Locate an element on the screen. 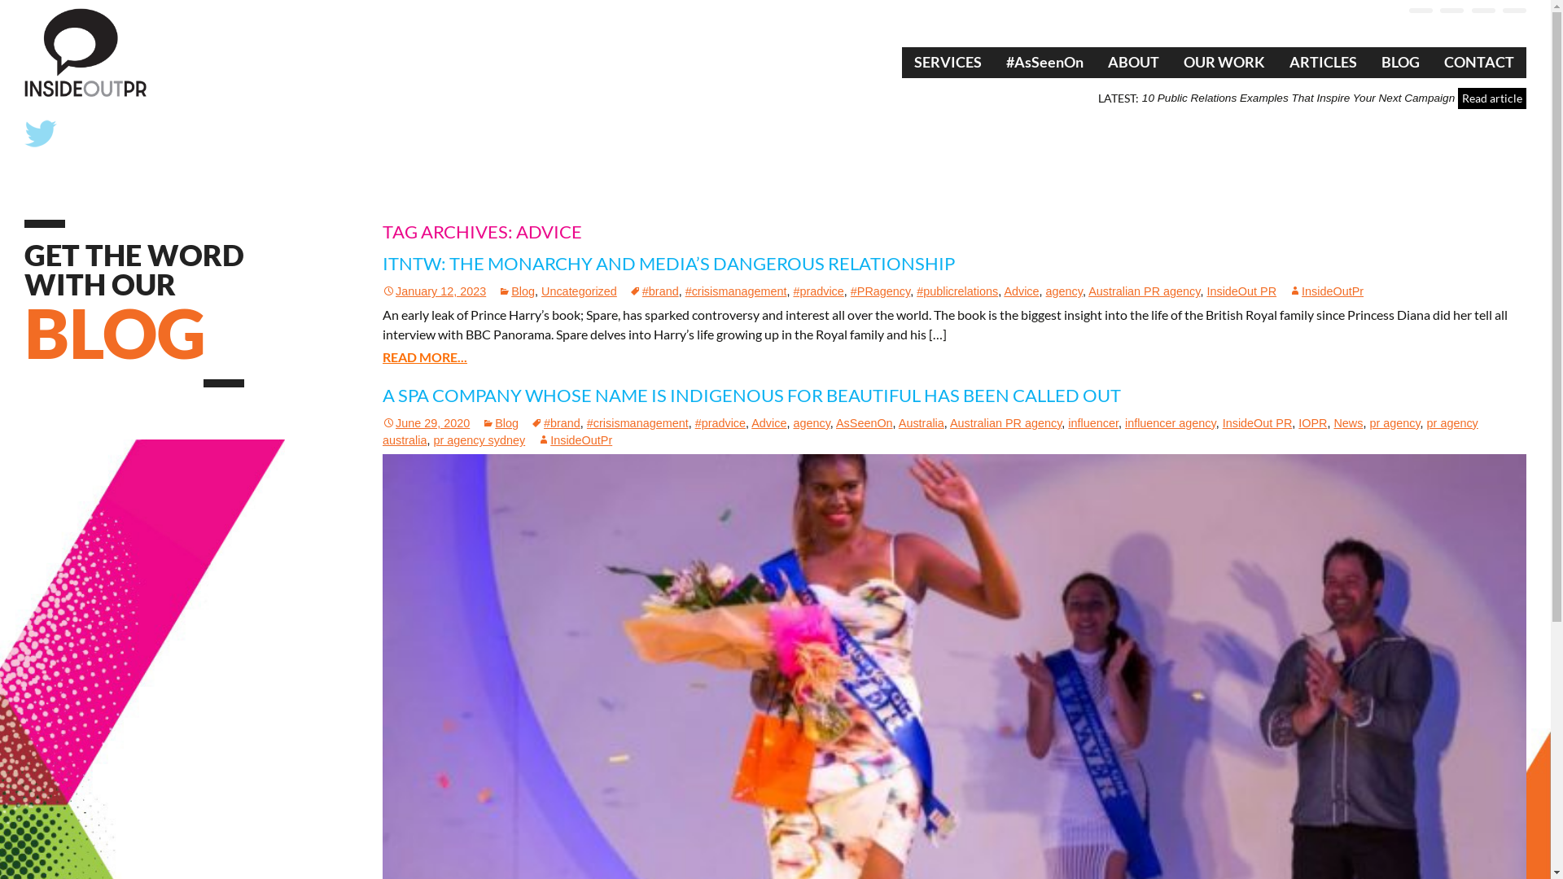 The image size is (1563, 879). 'AsSeenOn' is located at coordinates (863, 422).